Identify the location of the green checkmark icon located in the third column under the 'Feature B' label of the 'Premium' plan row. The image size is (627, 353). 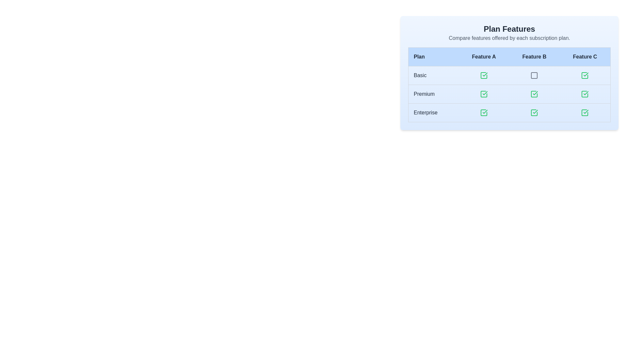
(534, 94).